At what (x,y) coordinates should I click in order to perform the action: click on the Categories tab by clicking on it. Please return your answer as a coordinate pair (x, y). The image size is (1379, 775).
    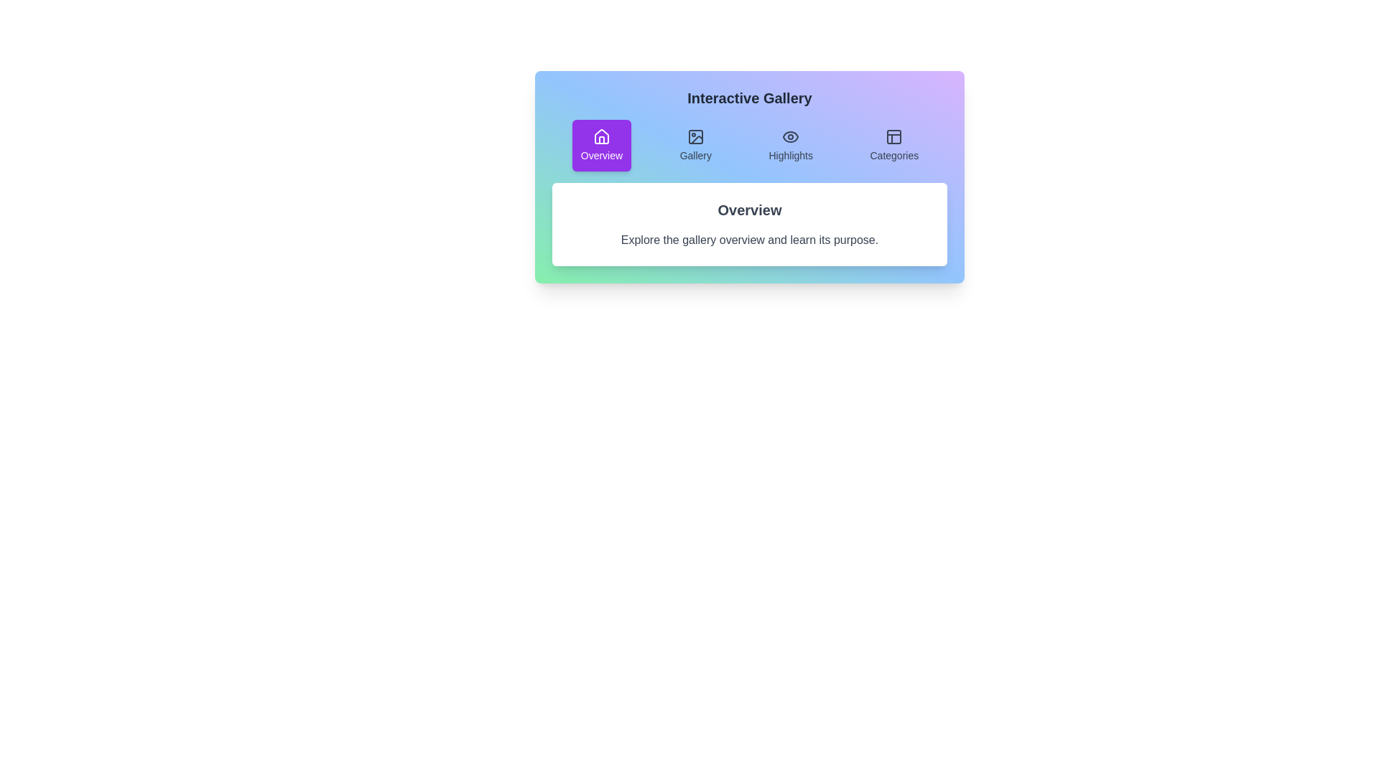
    Looking at the image, I should click on (893, 146).